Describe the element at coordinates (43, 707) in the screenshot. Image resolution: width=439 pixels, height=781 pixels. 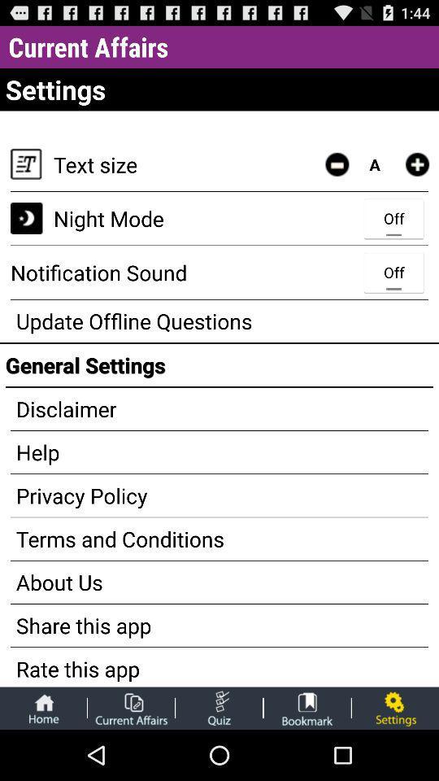
I see `home screen` at that location.